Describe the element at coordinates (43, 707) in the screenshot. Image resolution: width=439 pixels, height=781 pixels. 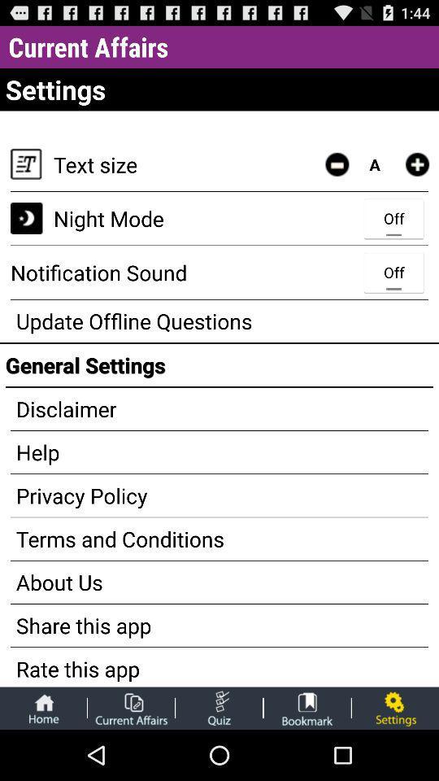
I see `home screen` at that location.